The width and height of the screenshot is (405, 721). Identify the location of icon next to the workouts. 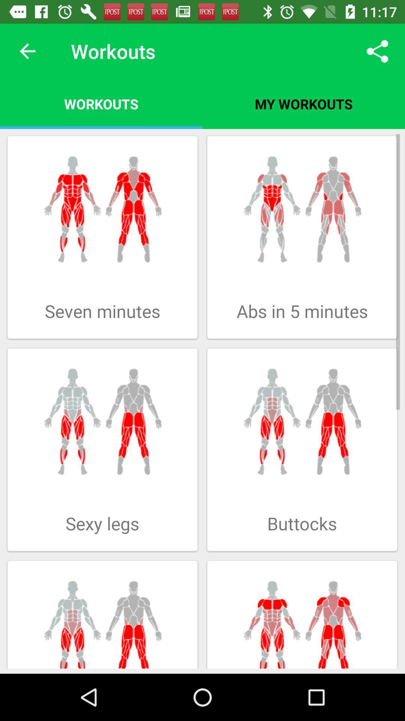
(304, 103).